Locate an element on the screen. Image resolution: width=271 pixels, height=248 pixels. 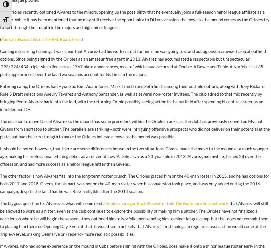
'Entering camp, the Orioles had Hyun Soo Kim, Adam Jones, Mark Trumbo and Seth Smith among their outfield options, along with Joey Rickard, Rule 5 Draft selections Aneury Tavarez and Anthony Santander, as well as several non-roster invitees. The club added to that mix recently by bringing Pedro Alvarez back into the fold, with the returning Oriole possibly seeing action in the outfield after spending his entire career as an infielder and DH.' is located at coordinates (132, 97).